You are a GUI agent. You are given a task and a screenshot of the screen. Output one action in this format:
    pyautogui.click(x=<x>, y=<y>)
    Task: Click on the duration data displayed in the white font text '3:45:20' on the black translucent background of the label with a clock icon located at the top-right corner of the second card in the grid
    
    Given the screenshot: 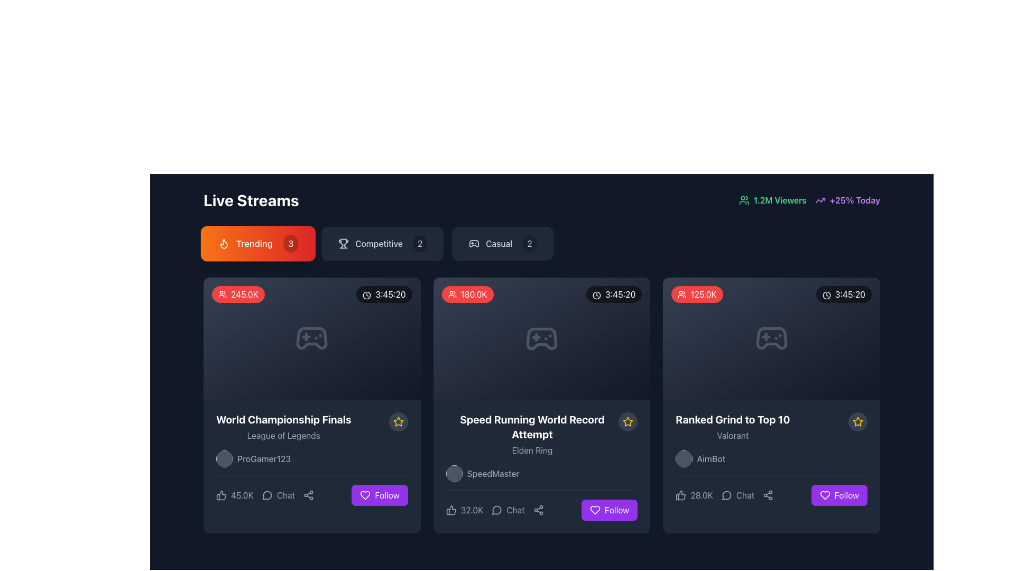 What is the action you would take?
    pyautogui.click(x=614, y=294)
    